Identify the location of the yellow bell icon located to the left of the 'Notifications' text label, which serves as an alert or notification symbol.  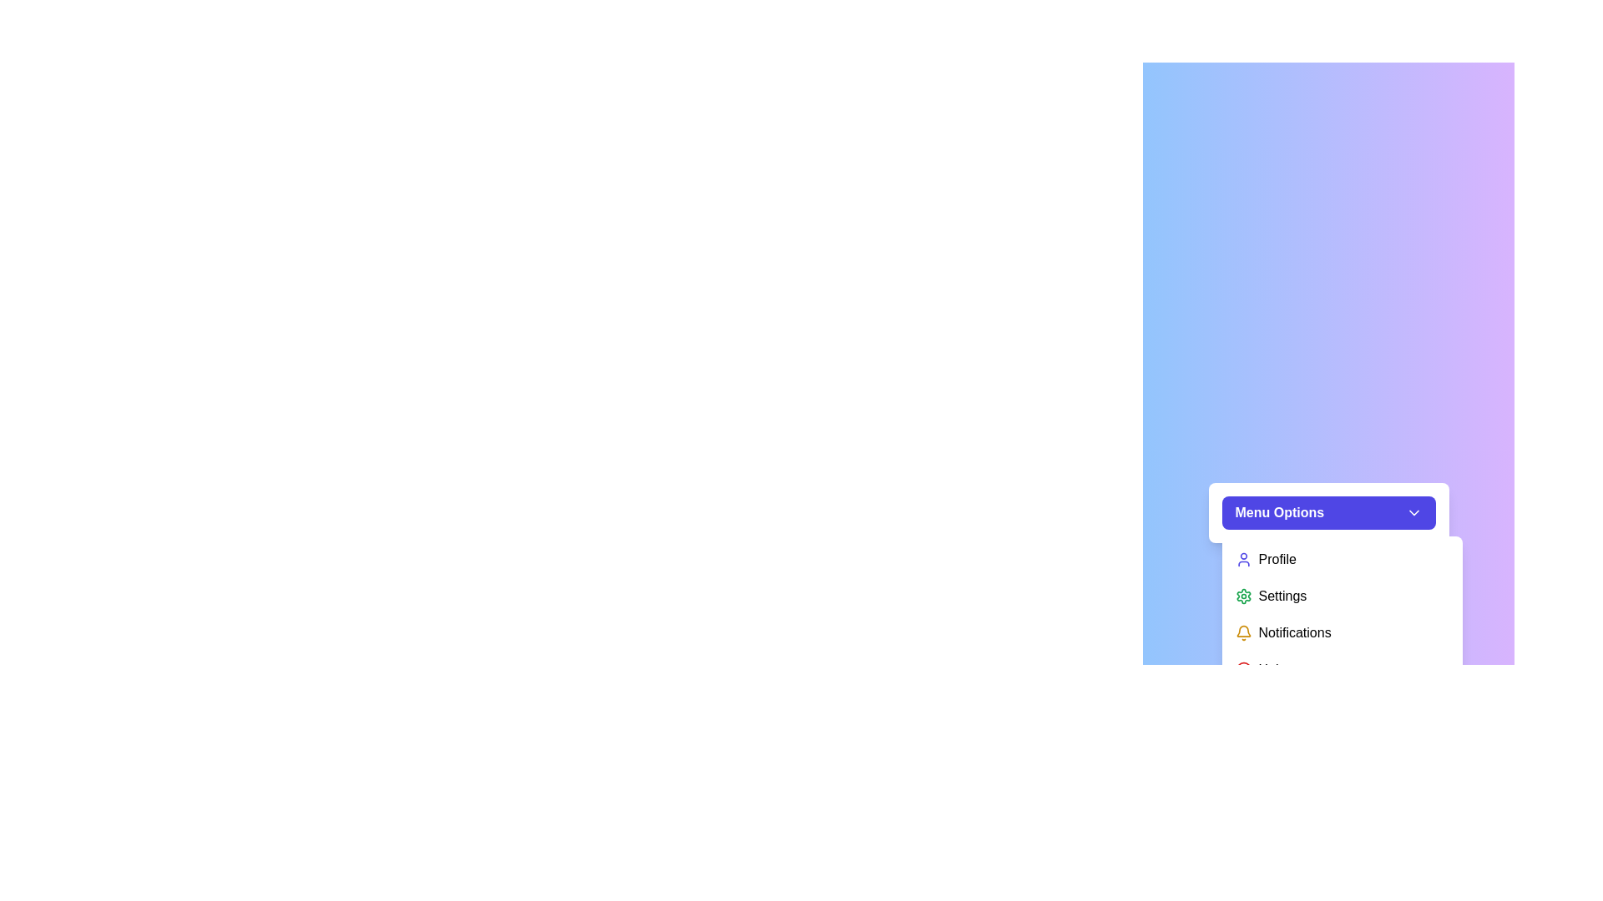
(1243, 633).